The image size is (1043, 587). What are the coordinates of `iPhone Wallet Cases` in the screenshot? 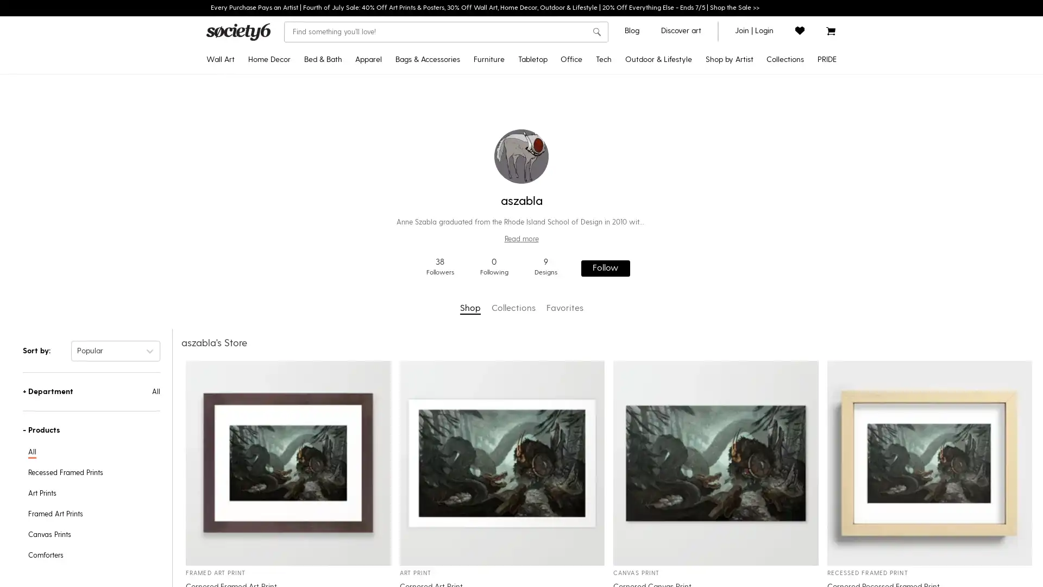 It's located at (642, 122).